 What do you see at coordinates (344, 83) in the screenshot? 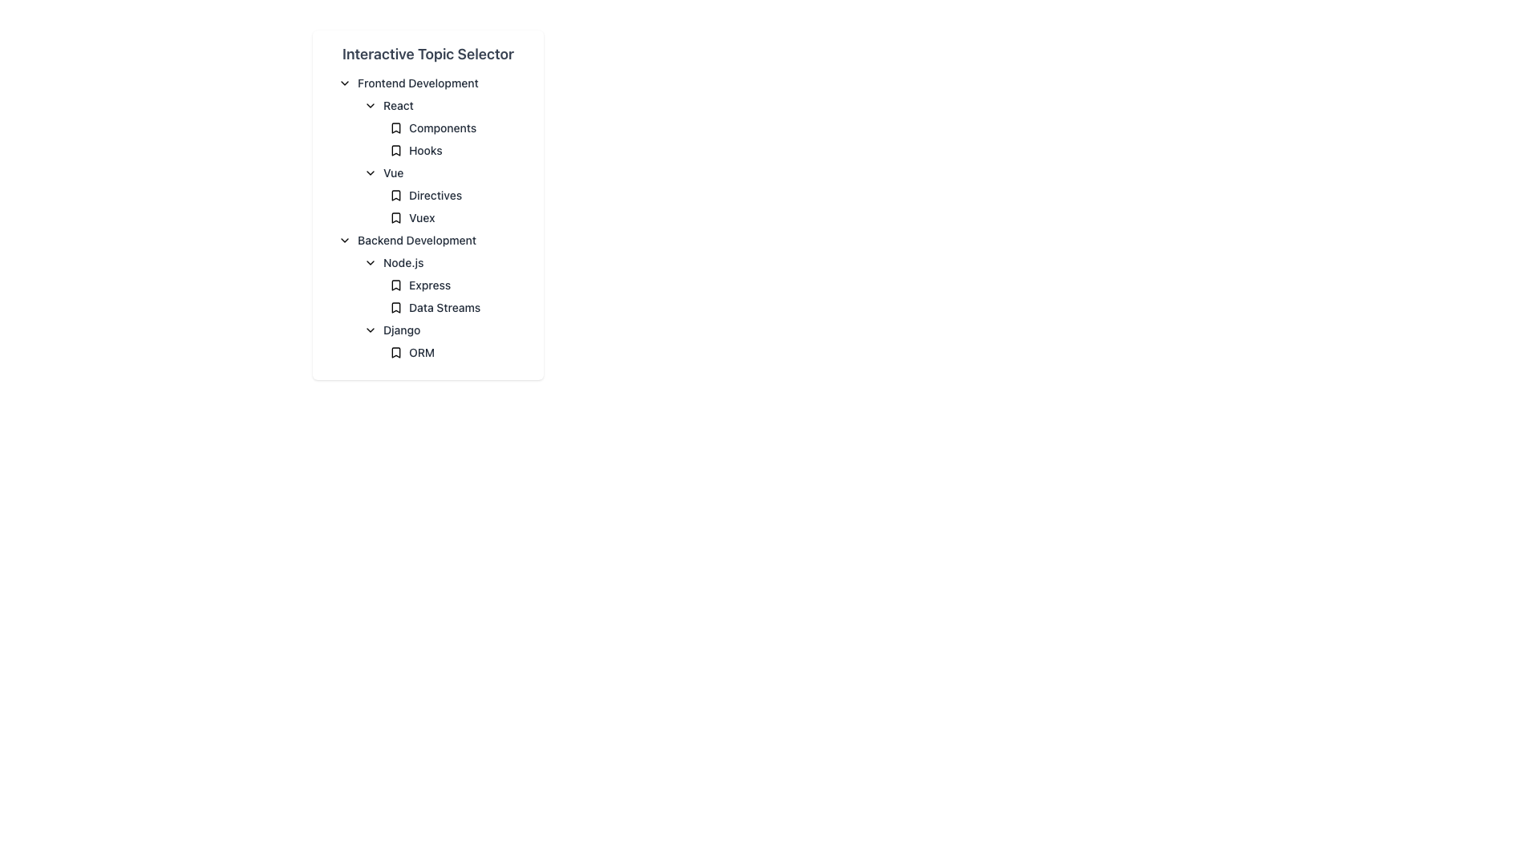
I see `the Dropdown toggle icon located to the left of the 'Frontend Development' text to trigger potential visual feedback` at bounding box center [344, 83].